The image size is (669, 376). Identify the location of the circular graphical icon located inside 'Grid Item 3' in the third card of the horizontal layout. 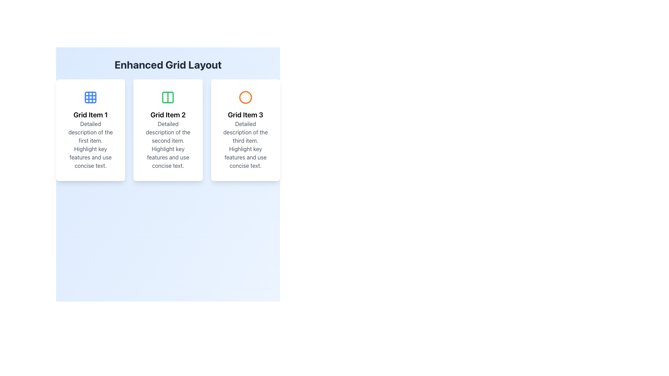
(245, 97).